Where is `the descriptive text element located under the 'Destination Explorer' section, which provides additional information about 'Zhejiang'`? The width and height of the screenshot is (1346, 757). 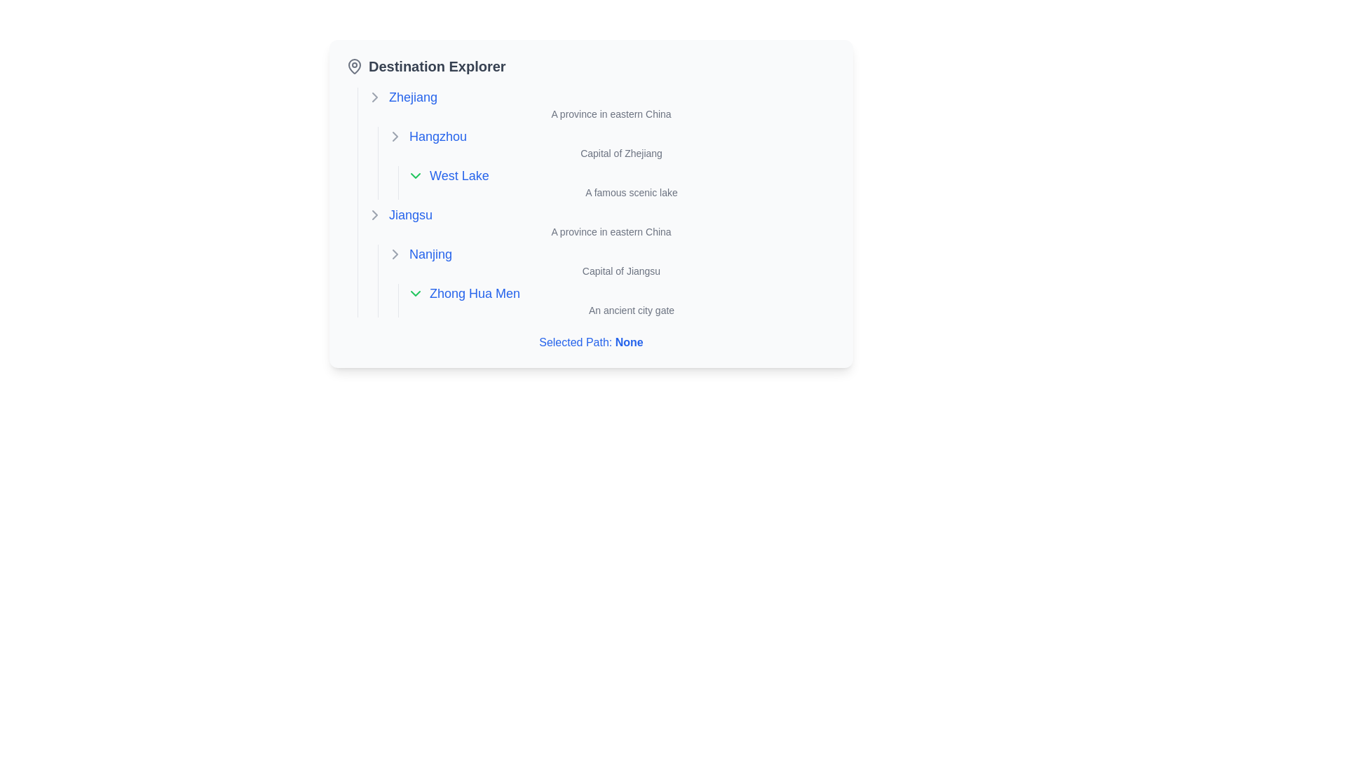
the descriptive text element located under the 'Destination Explorer' section, which provides additional information about 'Zhejiang' is located at coordinates (601, 113).